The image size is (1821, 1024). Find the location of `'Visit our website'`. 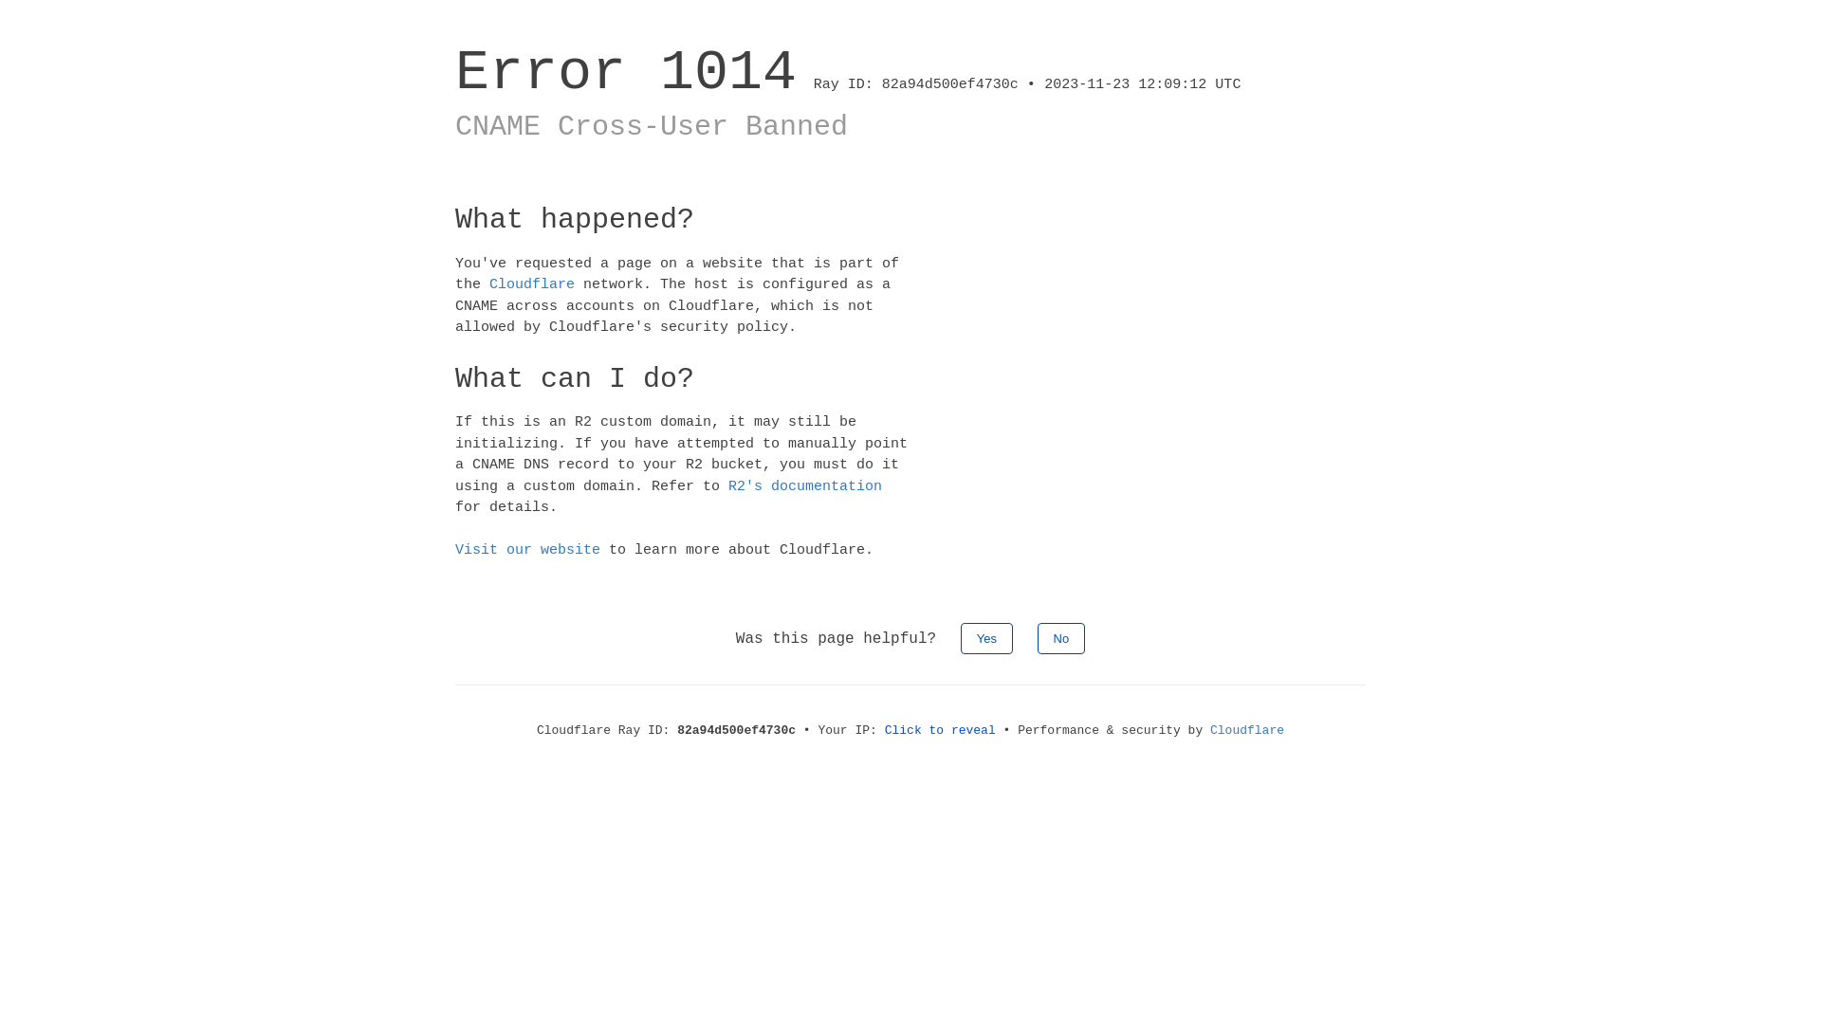

'Visit our website' is located at coordinates (527, 550).